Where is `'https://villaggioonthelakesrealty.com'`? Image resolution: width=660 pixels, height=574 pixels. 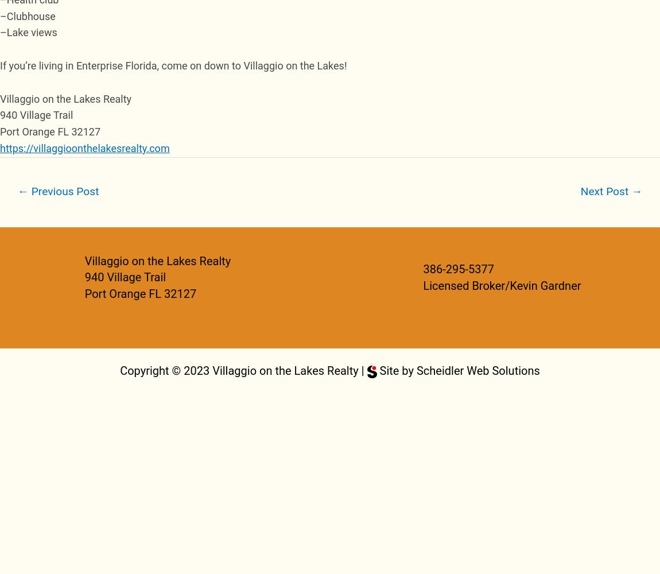 'https://villaggioonthelakesrealty.com' is located at coordinates (84, 148).